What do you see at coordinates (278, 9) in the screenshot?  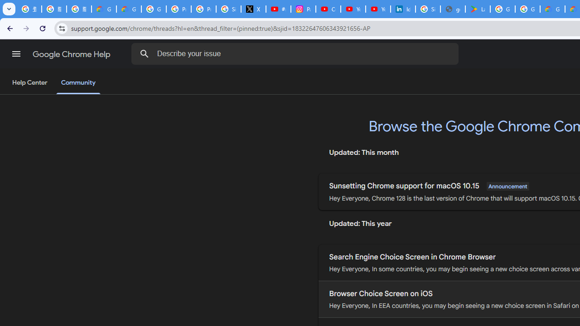 I see `'#nbabasketballhighlights - YouTube'` at bounding box center [278, 9].